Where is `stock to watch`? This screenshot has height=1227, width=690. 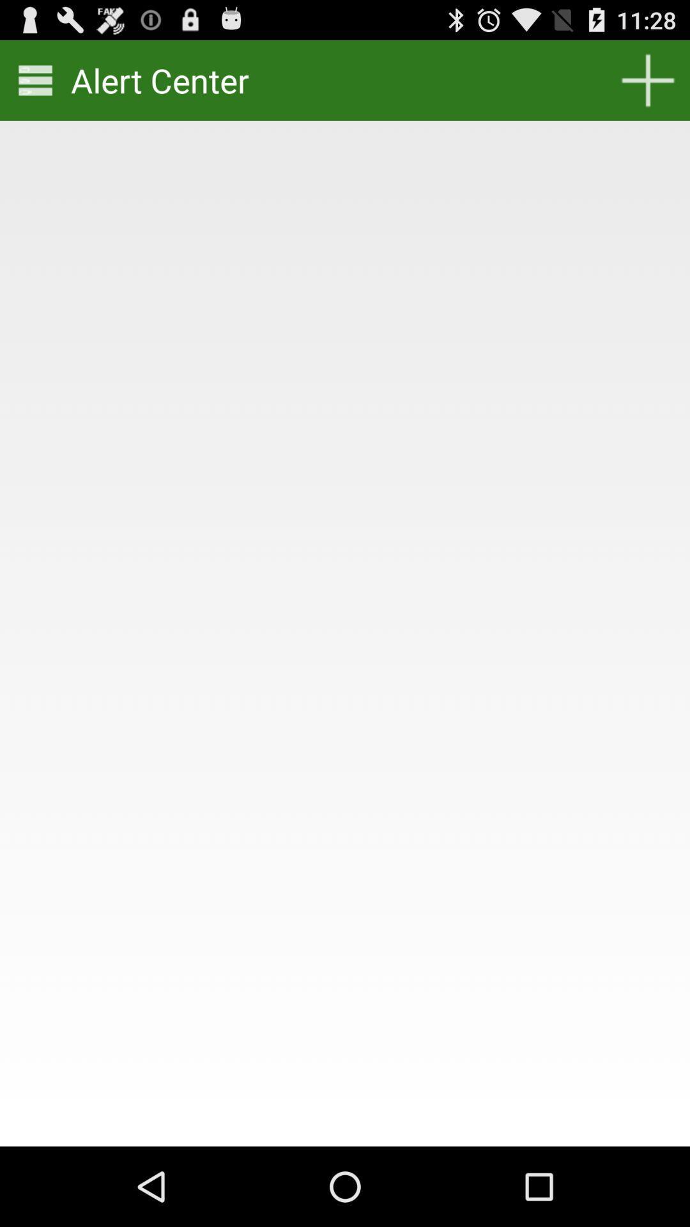 stock to watch is located at coordinates (648, 79).